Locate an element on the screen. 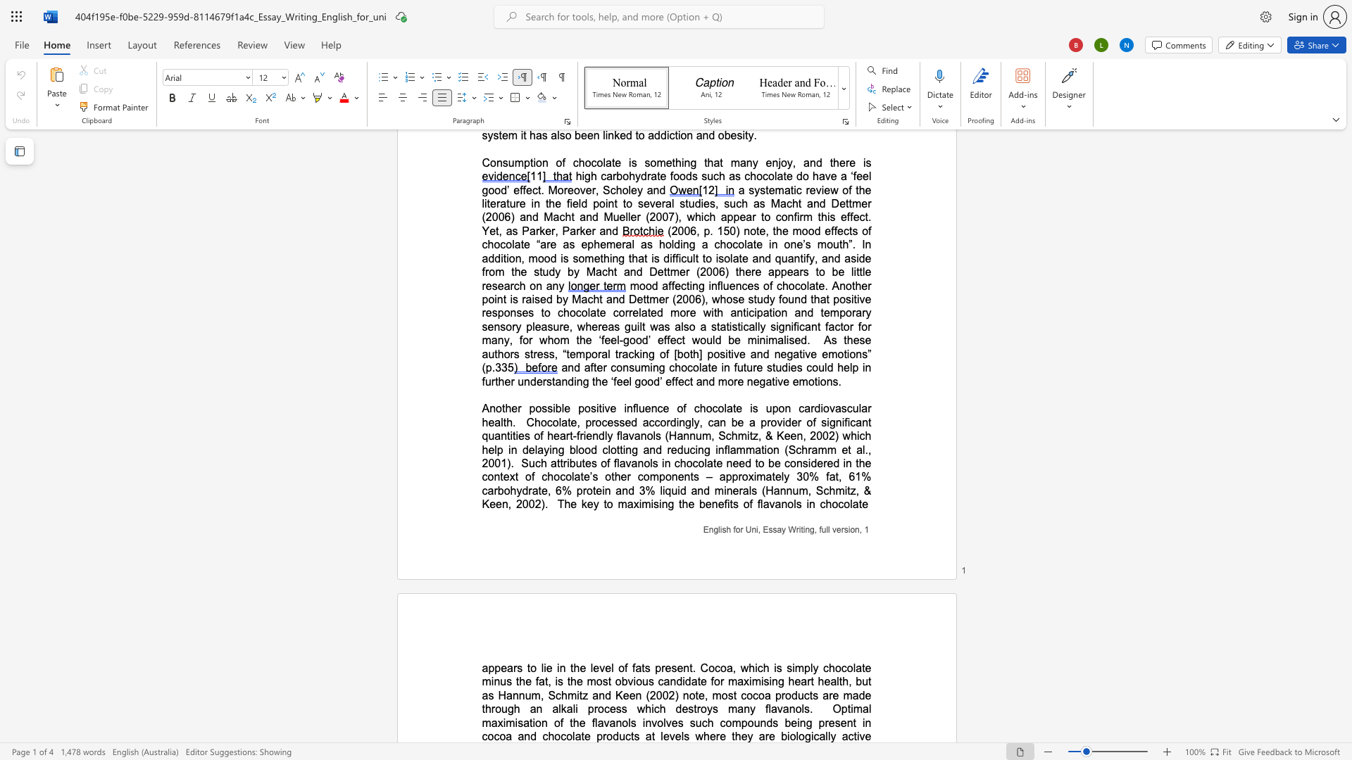 The image size is (1352, 760). the 6th character "t" in the text is located at coordinates (632, 735).